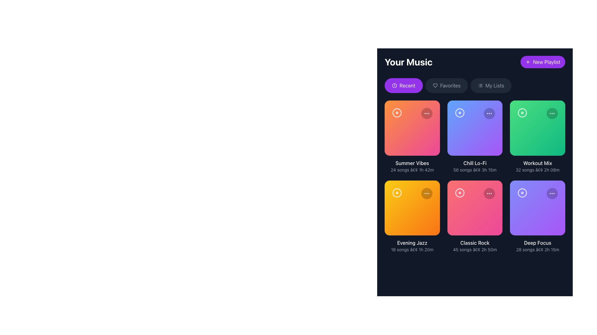  What do you see at coordinates (412, 163) in the screenshot?
I see `the text label displaying the playlist name 'Summer Vibes', which is centrally aligned beneath the 'Recent' playlist thumbnail in the first column of the playlist grid within the 'Your Music' section` at bounding box center [412, 163].